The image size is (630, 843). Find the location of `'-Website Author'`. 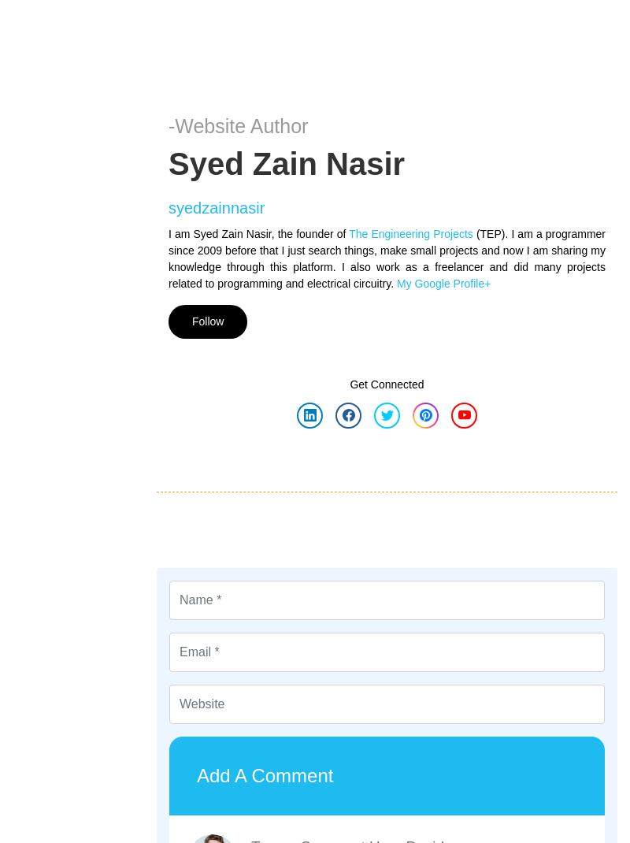

'-Website Author' is located at coordinates (237, 125).